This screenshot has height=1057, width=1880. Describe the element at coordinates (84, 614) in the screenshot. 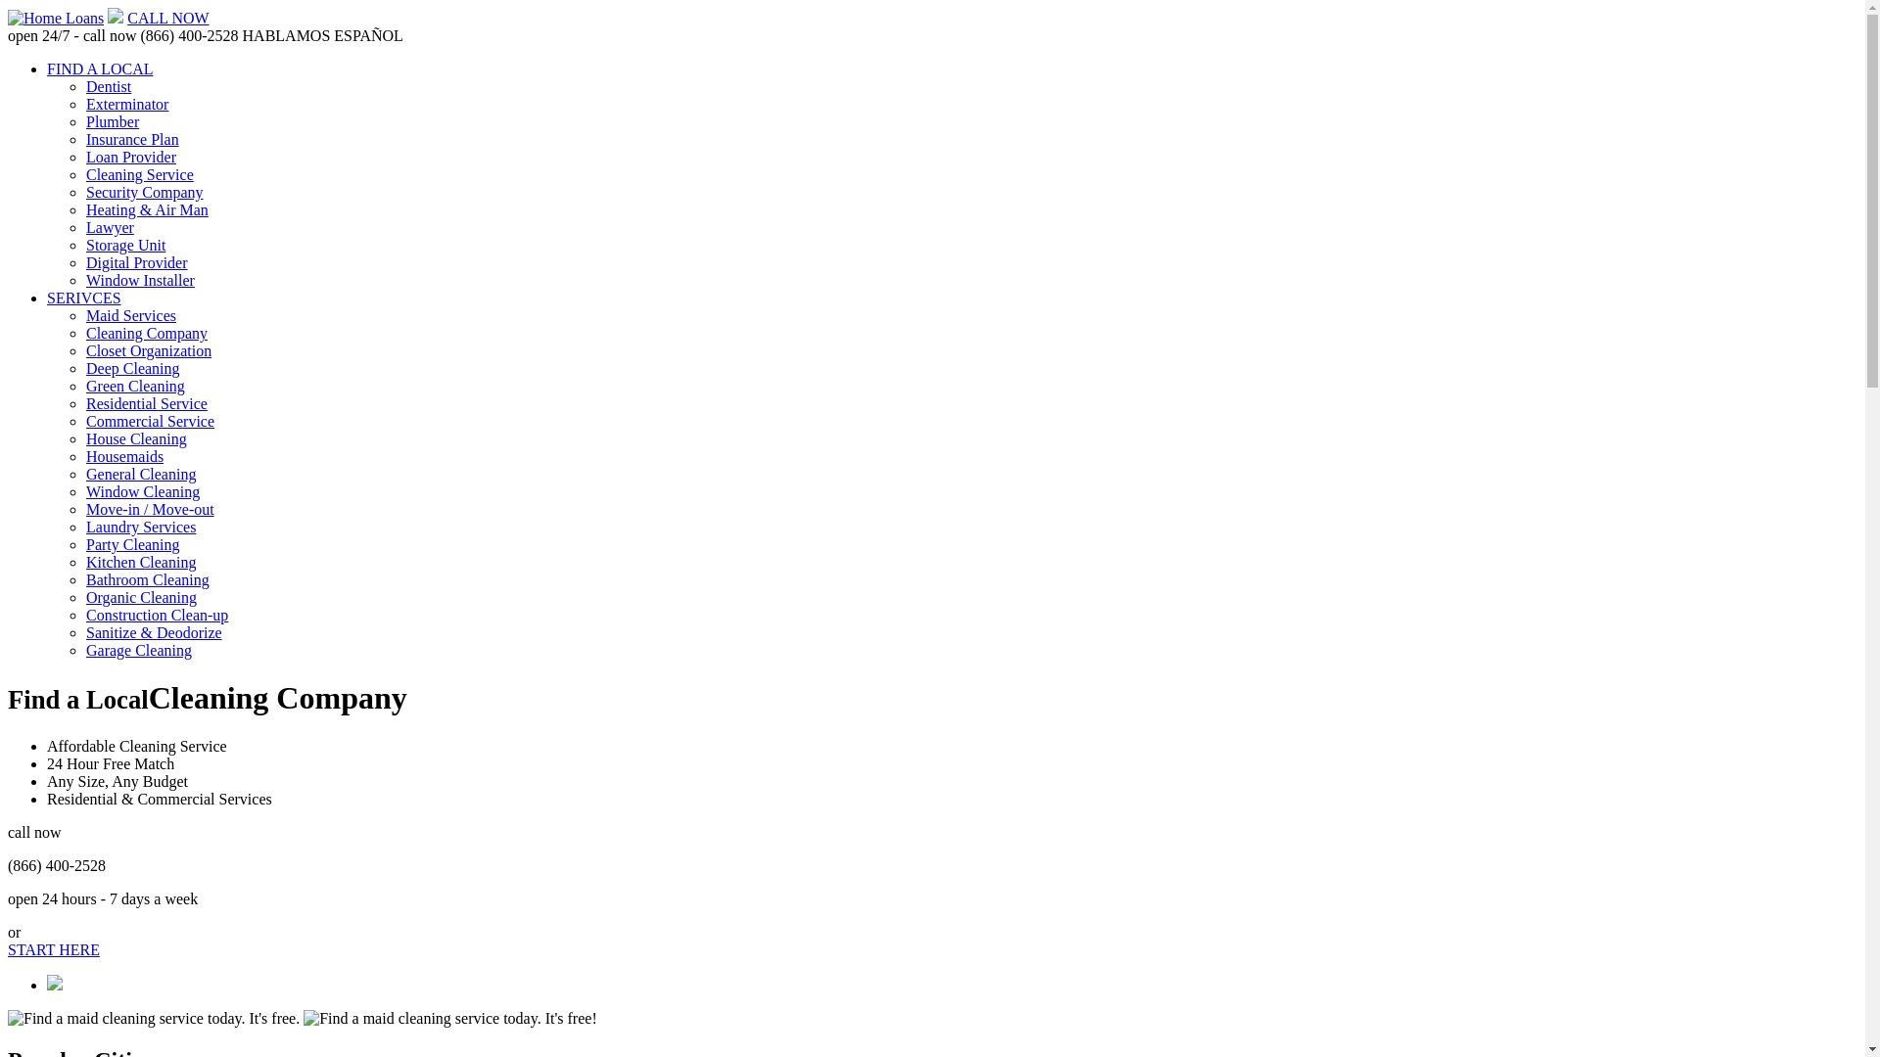

I see `'Construction Clean-up'` at that location.